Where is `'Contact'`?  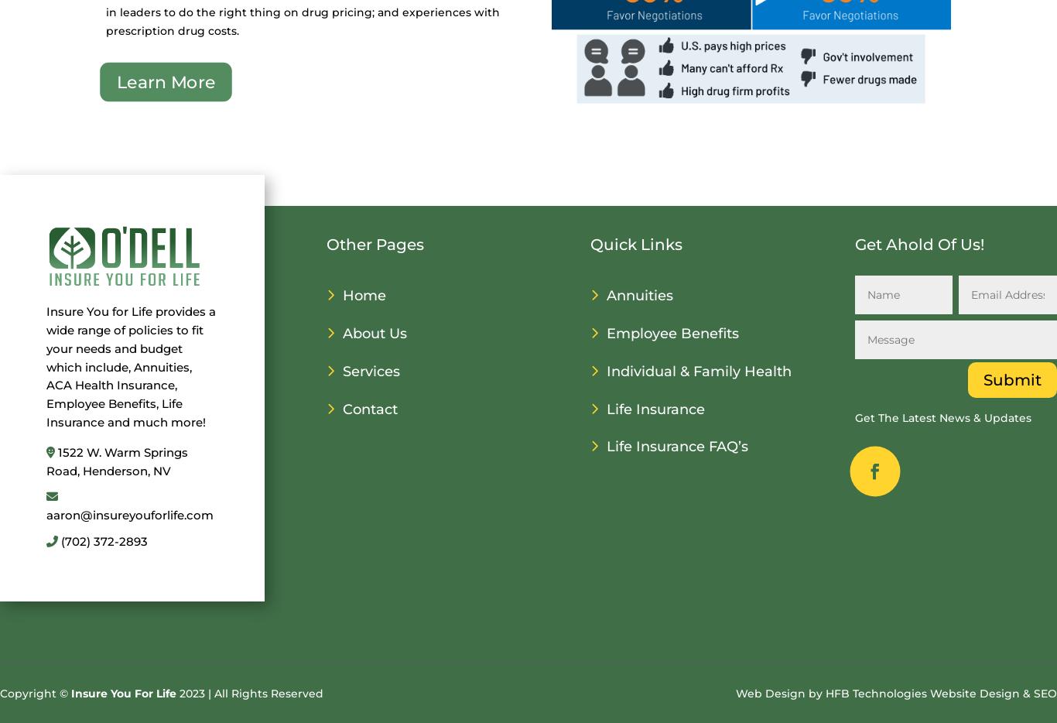
'Contact' is located at coordinates (369, 408).